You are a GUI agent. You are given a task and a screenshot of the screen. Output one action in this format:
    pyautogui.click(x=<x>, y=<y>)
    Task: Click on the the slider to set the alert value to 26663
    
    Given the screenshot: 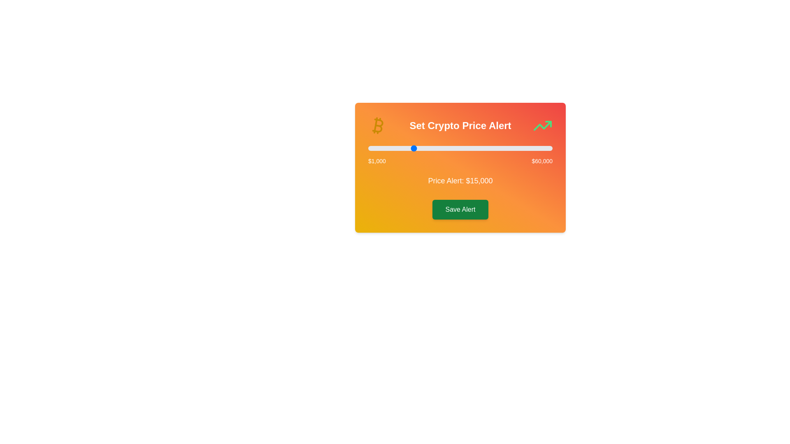 What is the action you would take?
    pyautogui.click(x=448, y=148)
    